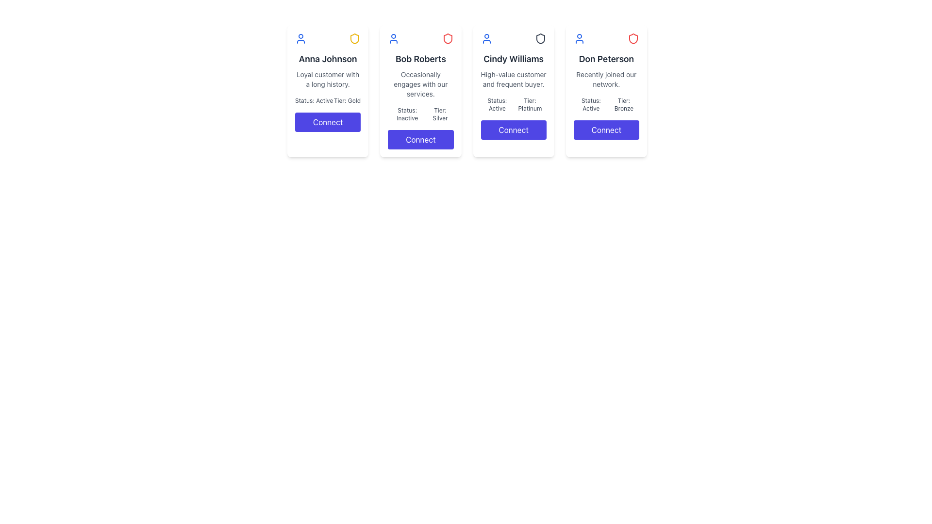  I want to click on the shield icon indicating security or tier level associated with the user 'Anna Johnson' in the card header, so click(354, 38).